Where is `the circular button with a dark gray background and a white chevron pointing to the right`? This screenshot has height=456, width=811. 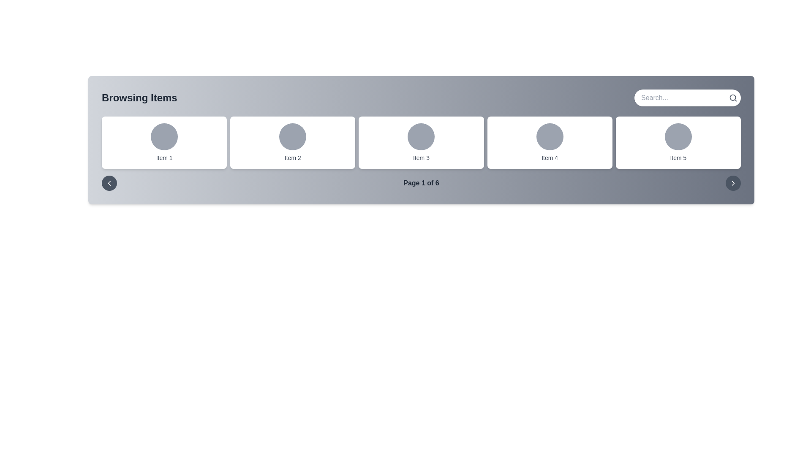 the circular button with a dark gray background and a white chevron pointing to the right is located at coordinates (733, 183).